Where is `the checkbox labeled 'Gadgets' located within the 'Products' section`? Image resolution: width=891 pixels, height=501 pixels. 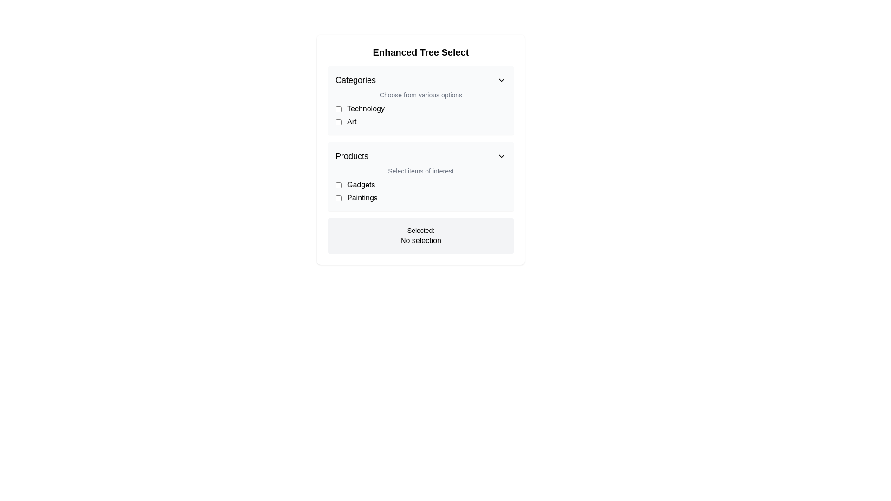
the checkbox labeled 'Gadgets' located within the 'Products' section is located at coordinates (338, 185).